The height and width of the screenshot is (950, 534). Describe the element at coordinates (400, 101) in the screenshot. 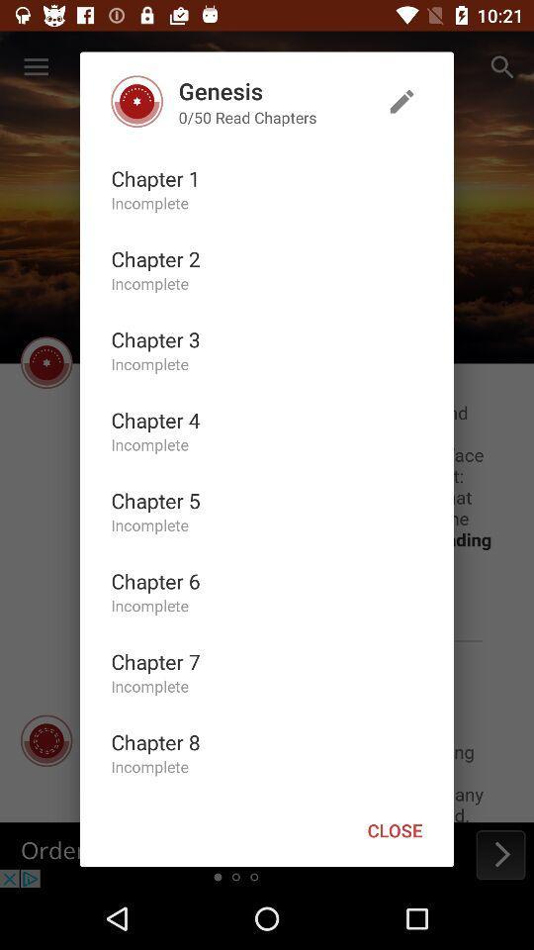

I see `edit the settings edit the selection settings` at that location.